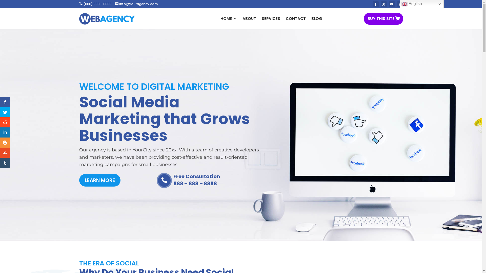  What do you see at coordinates (383, 18) in the screenshot?
I see `'BUY THIS SITE'` at bounding box center [383, 18].